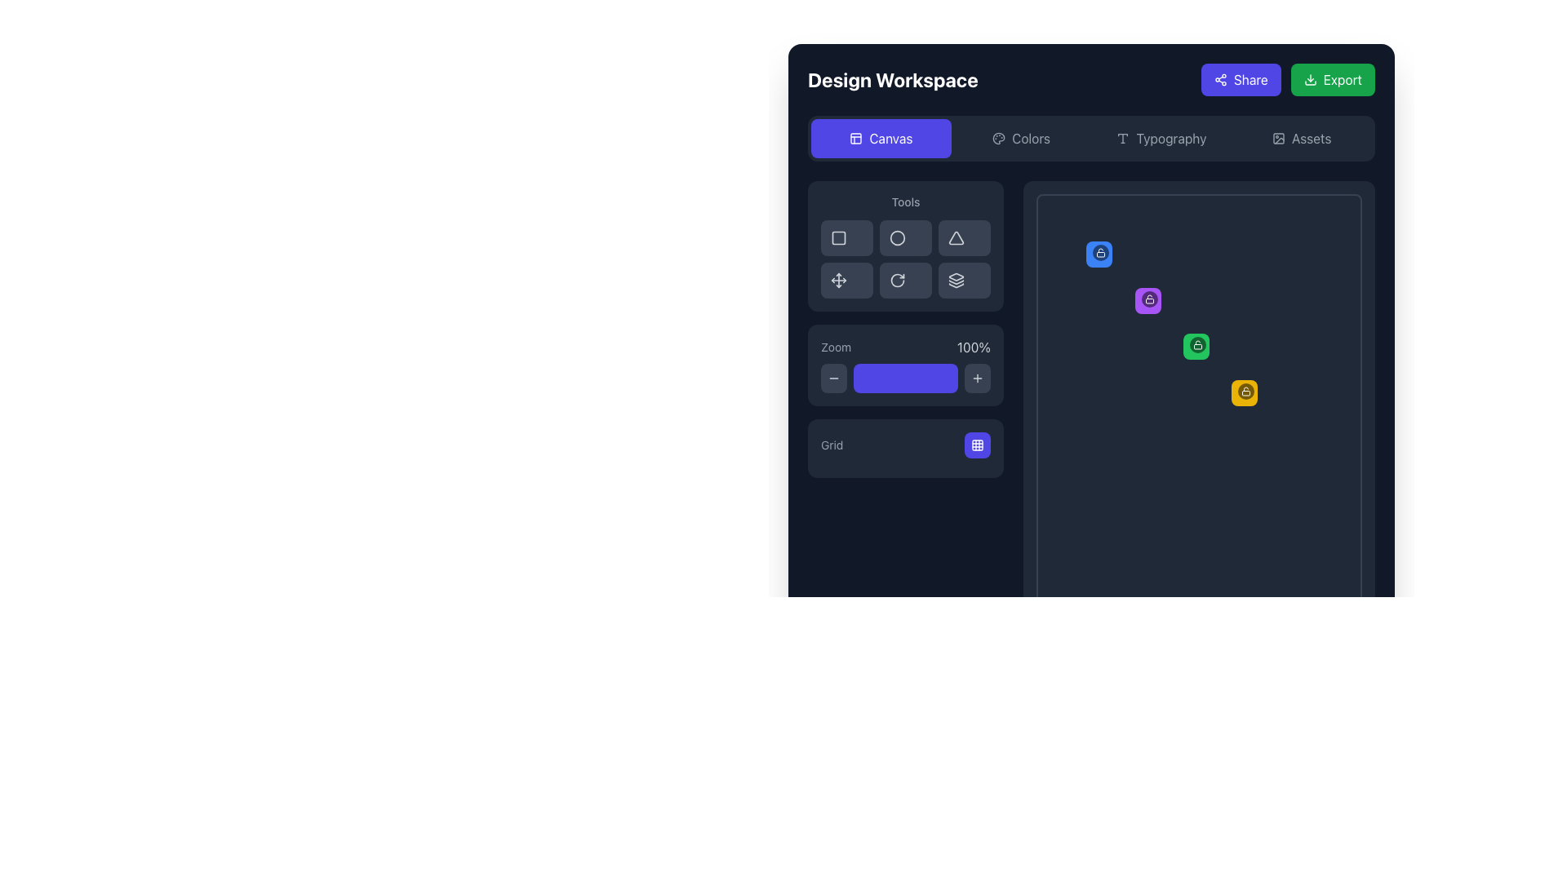 Image resolution: width=1567 pixels, height=881 pixels. I want to click on the fifth icon in the vertical list of tool options located in the 'Tools' section of the UI, so click(838, 279).